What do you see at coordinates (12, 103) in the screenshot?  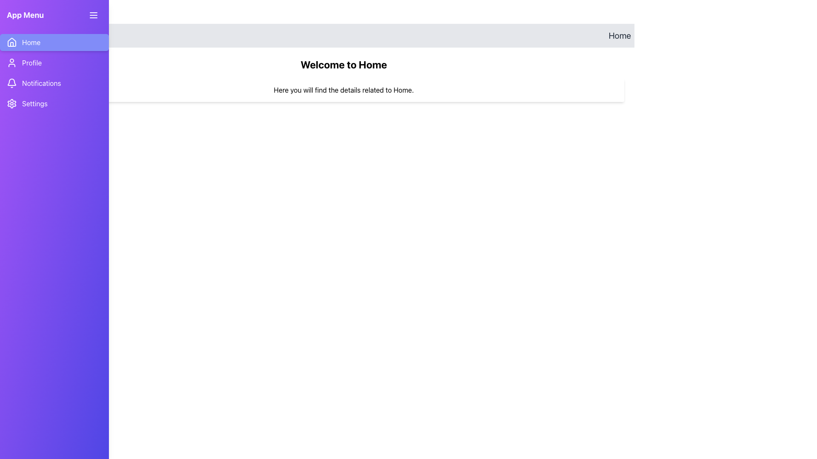 I see `the settings icon located in the navigation sidebar, which is positioned next to the 'Settings' label and appears fourth among other menu items` at bounding box center [12, 103].